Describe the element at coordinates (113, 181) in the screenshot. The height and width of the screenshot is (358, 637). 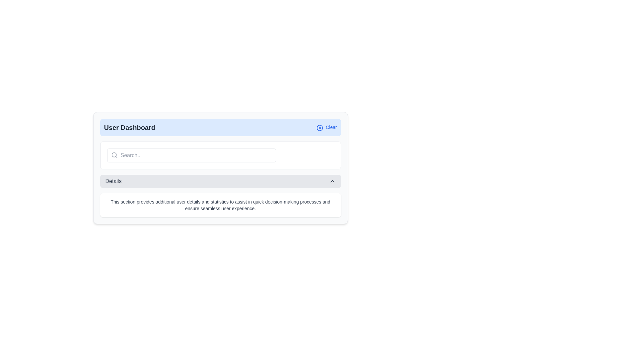
I see `the text label located at the leftmost part of the section, which precedes an upward-pointing chevron icon` at that location.